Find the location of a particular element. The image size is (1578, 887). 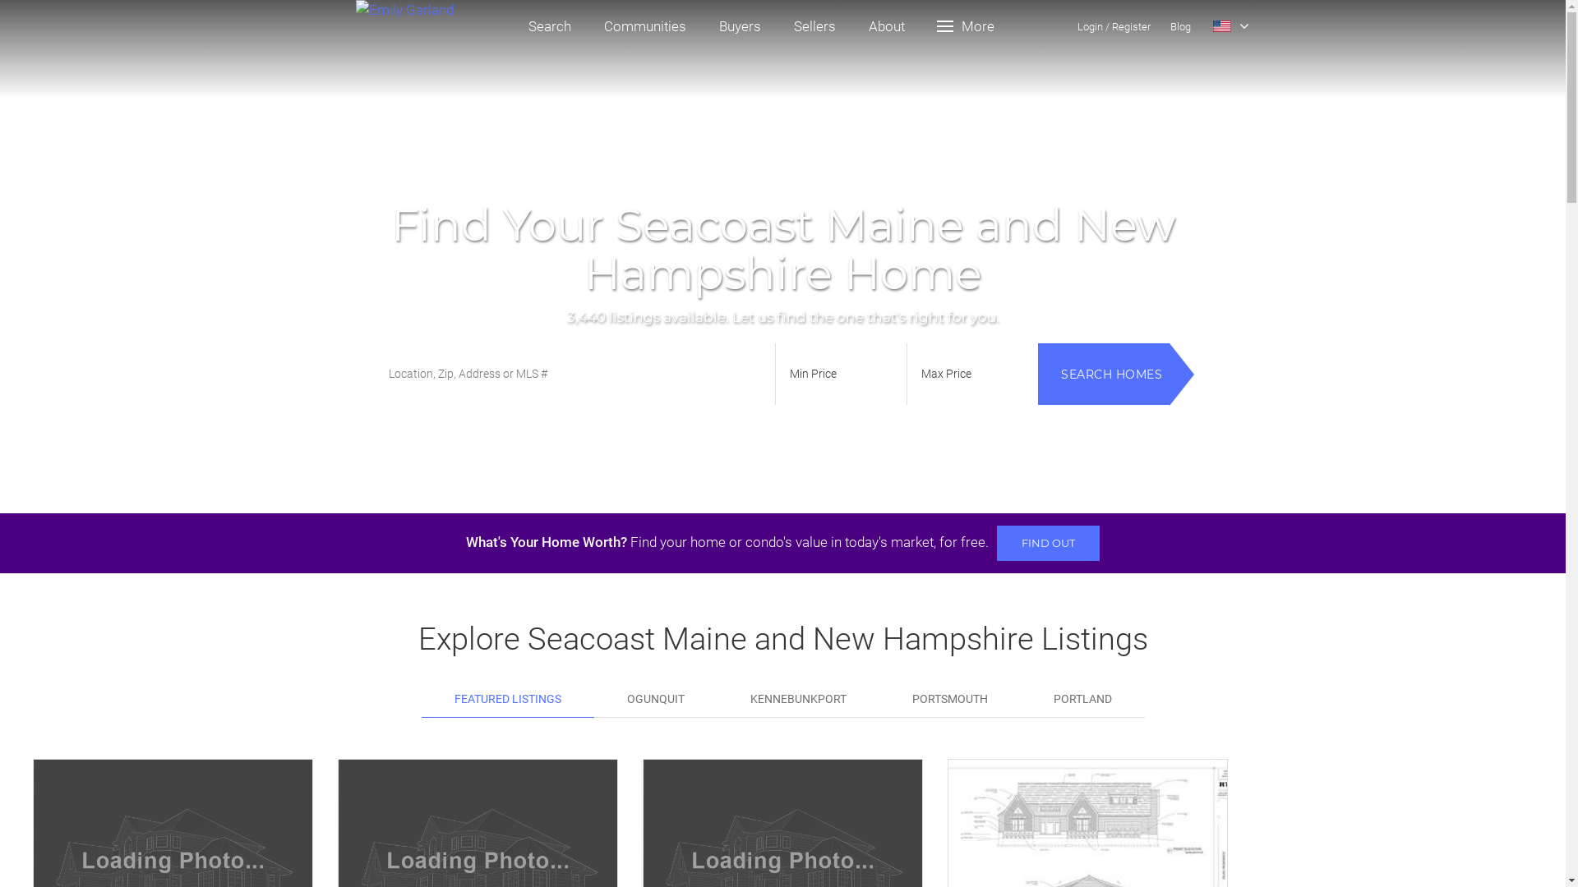

'More' is located at coordinates (967, 26).